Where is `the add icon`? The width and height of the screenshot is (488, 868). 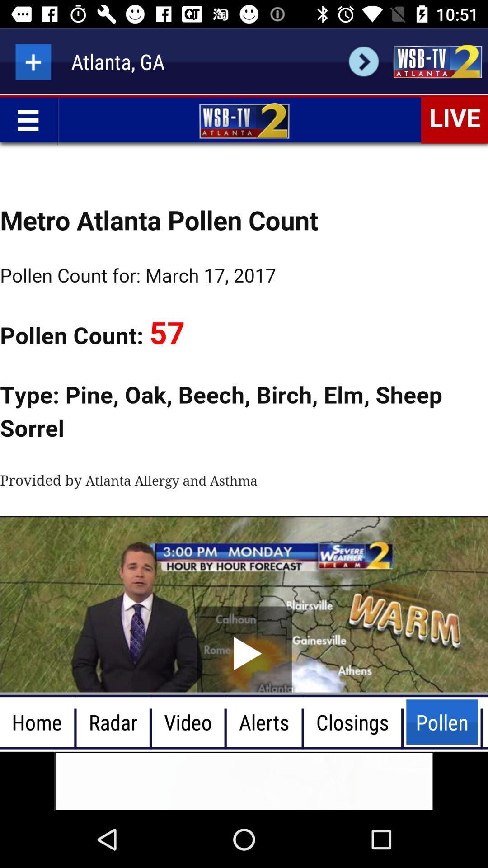 the add icon is located at coordinates (33, 61).